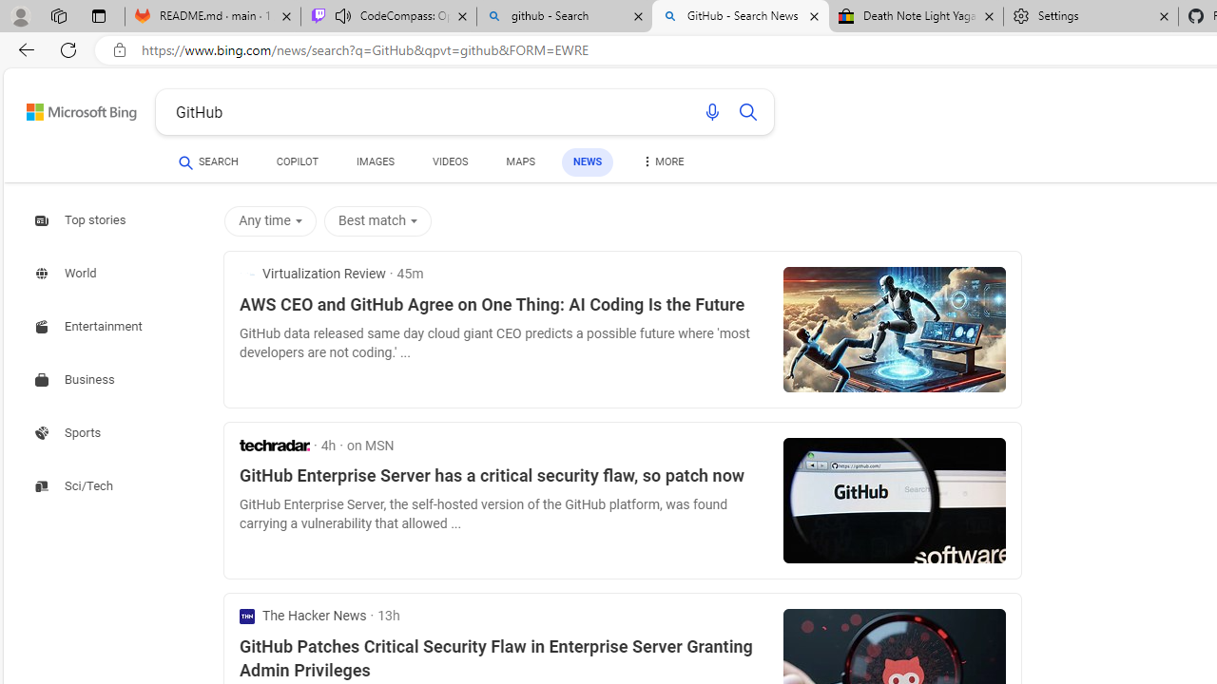 This screenshot has width=1217, height=684. What do you see at coordinates (740, 16) in the screenshot?
I see `'GitHub - Search News'` at bounding box center [740, 16].